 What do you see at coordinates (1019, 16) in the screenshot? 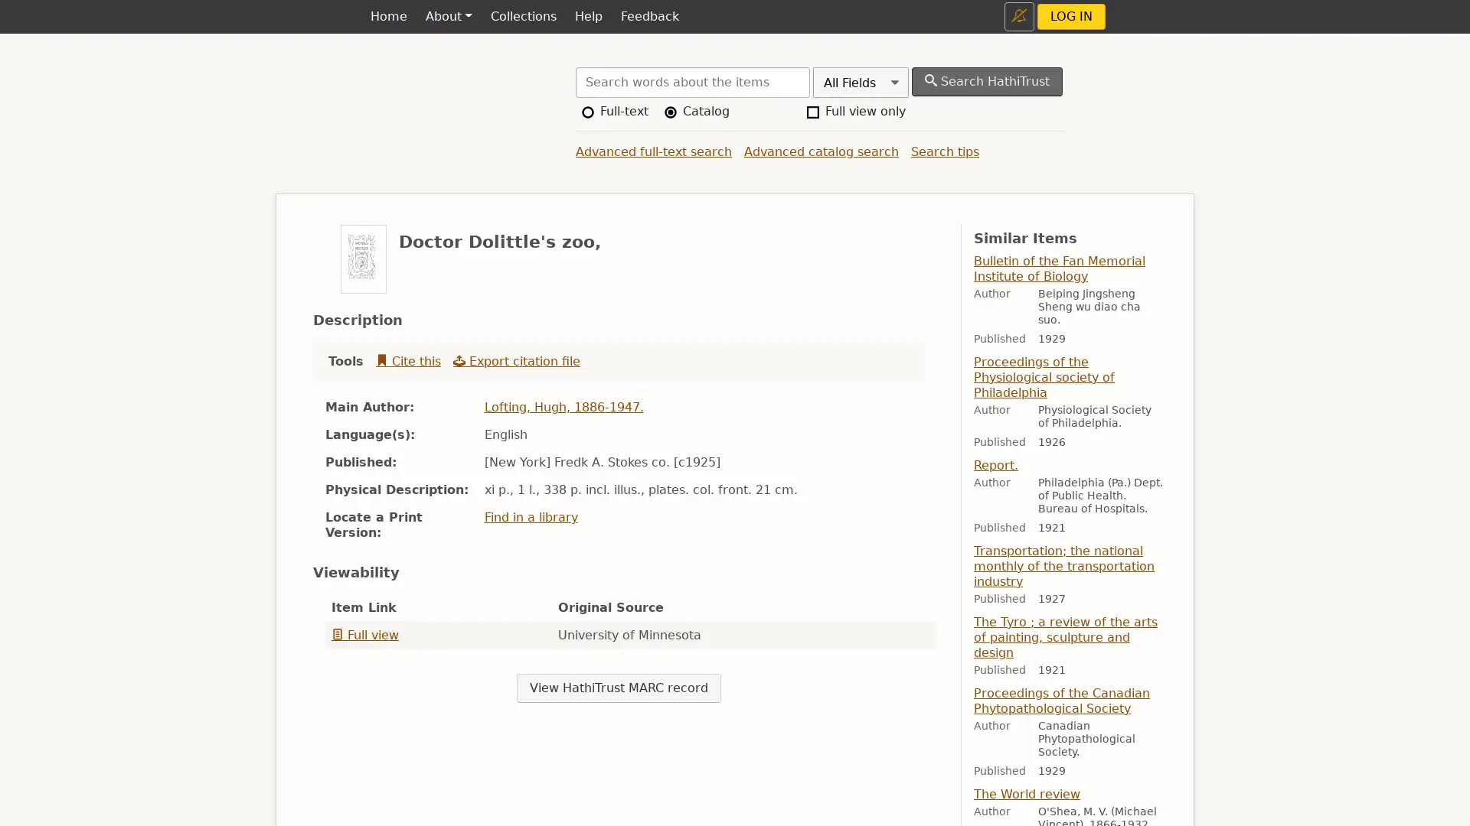
I see `Toggle Notifications` at bounding box center [1019, 16].